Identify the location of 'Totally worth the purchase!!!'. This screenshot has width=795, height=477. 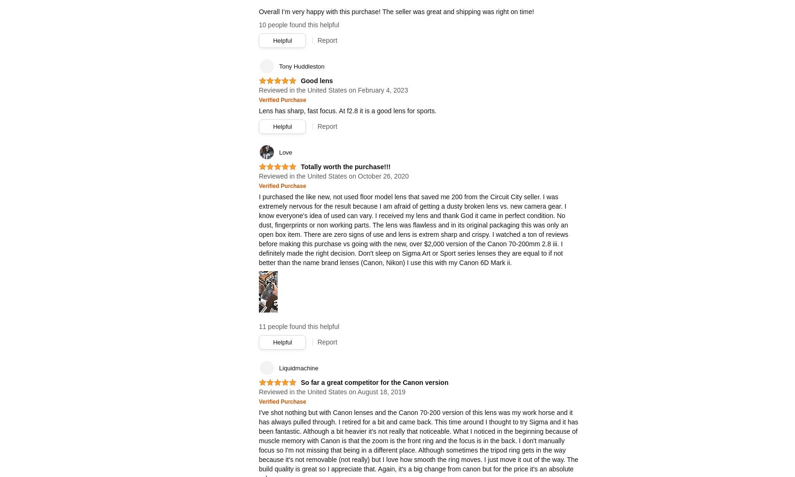
(345, 166).